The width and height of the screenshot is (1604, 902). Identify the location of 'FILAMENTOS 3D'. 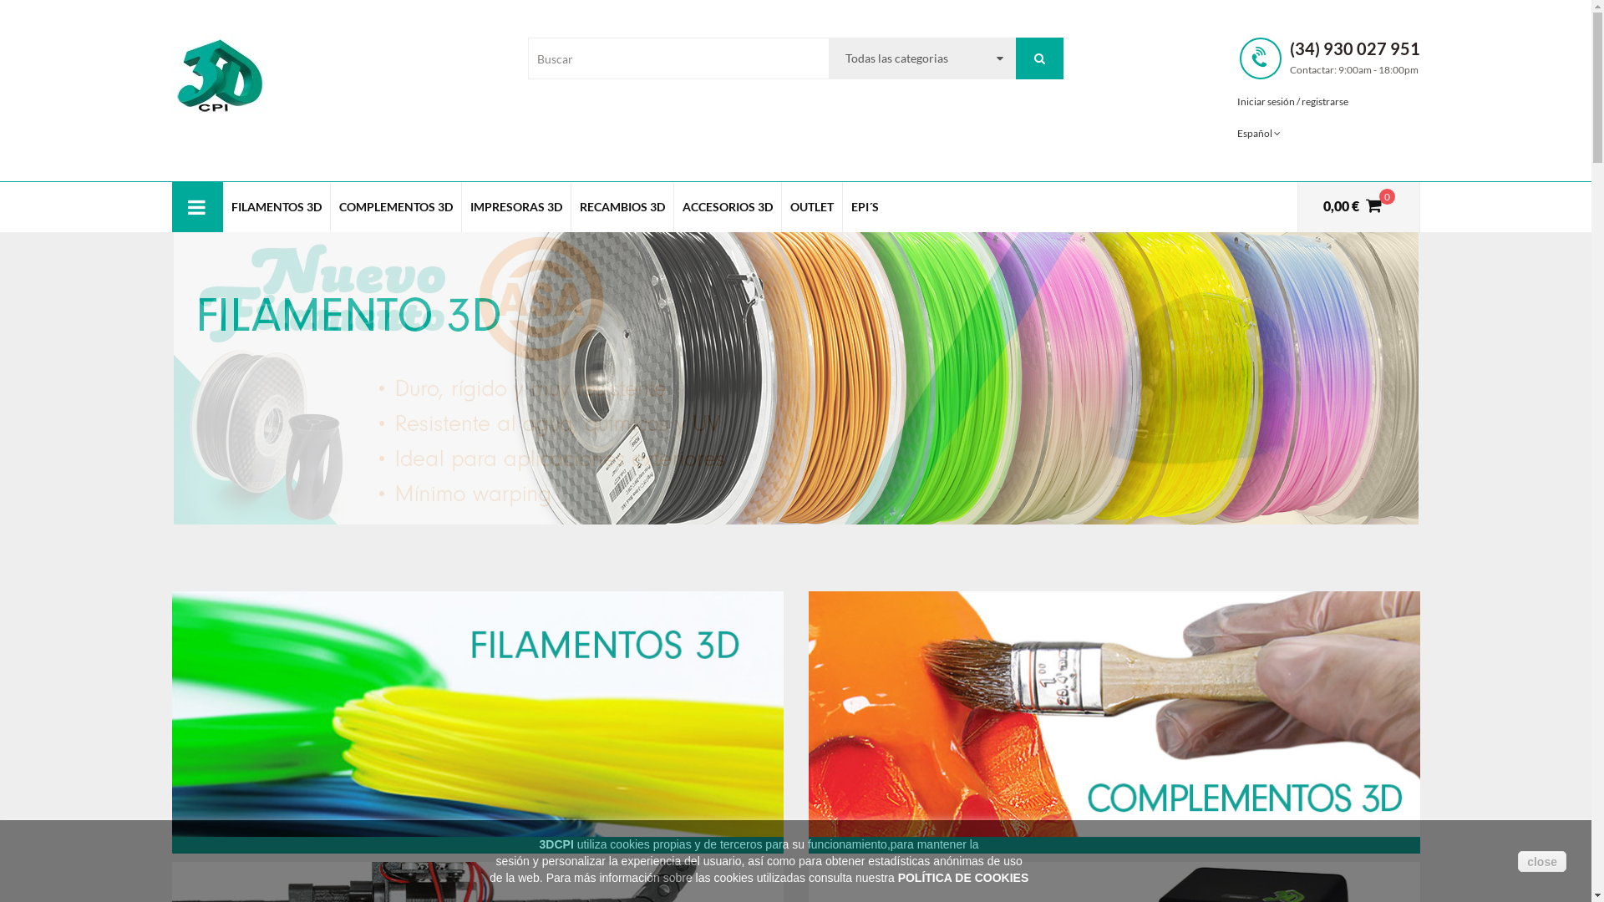
(276, 205).